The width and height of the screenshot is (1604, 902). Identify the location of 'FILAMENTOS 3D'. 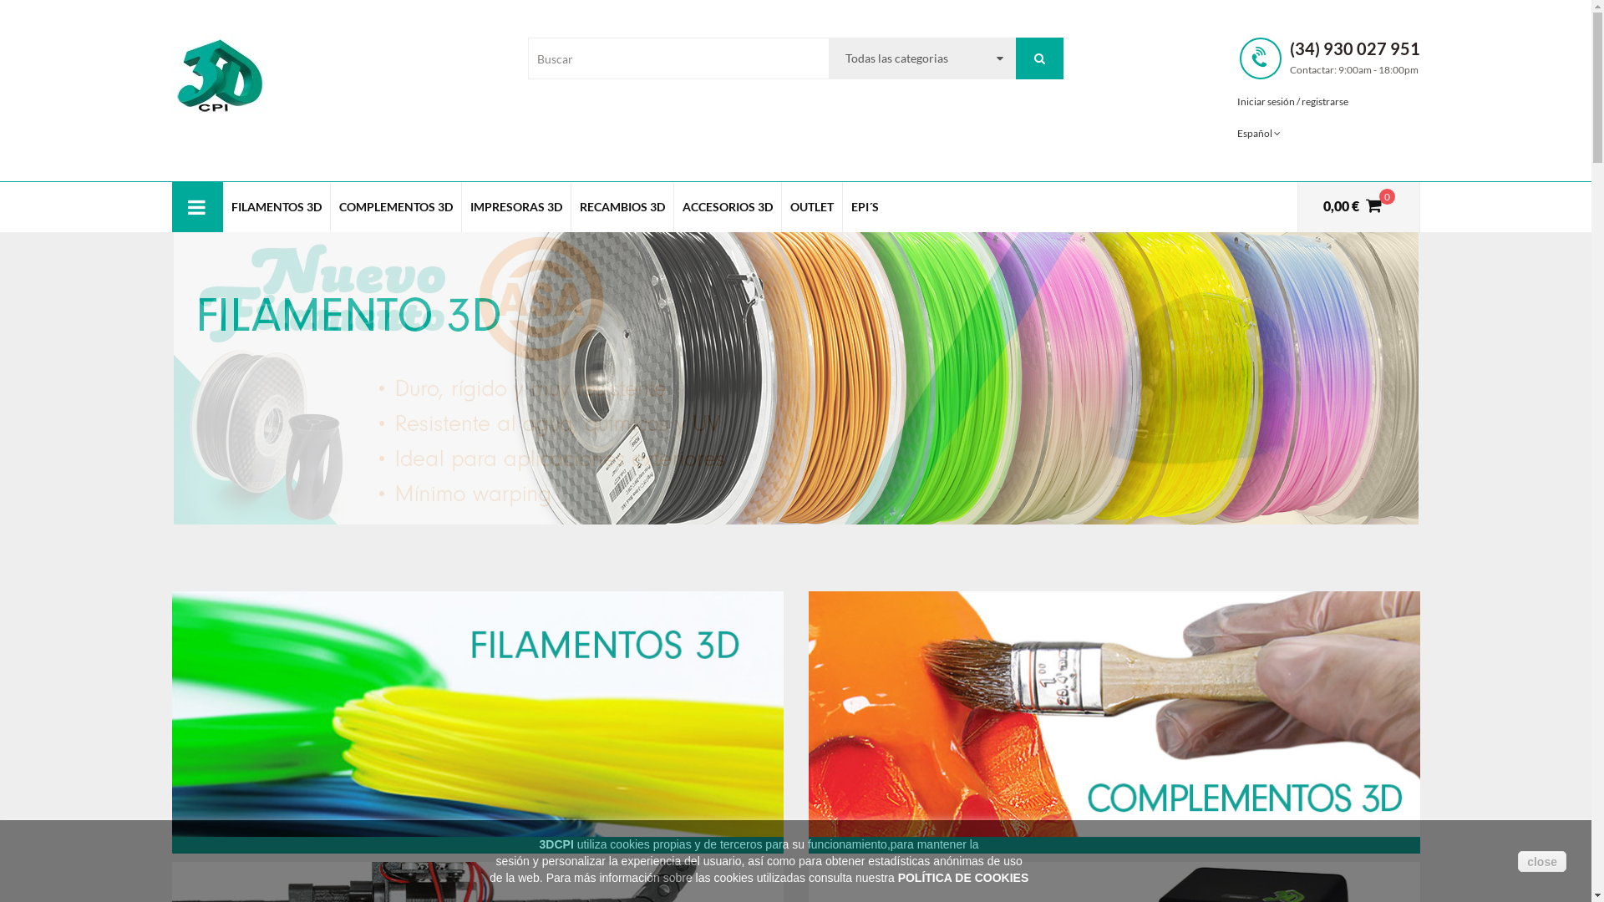
(276, 205).